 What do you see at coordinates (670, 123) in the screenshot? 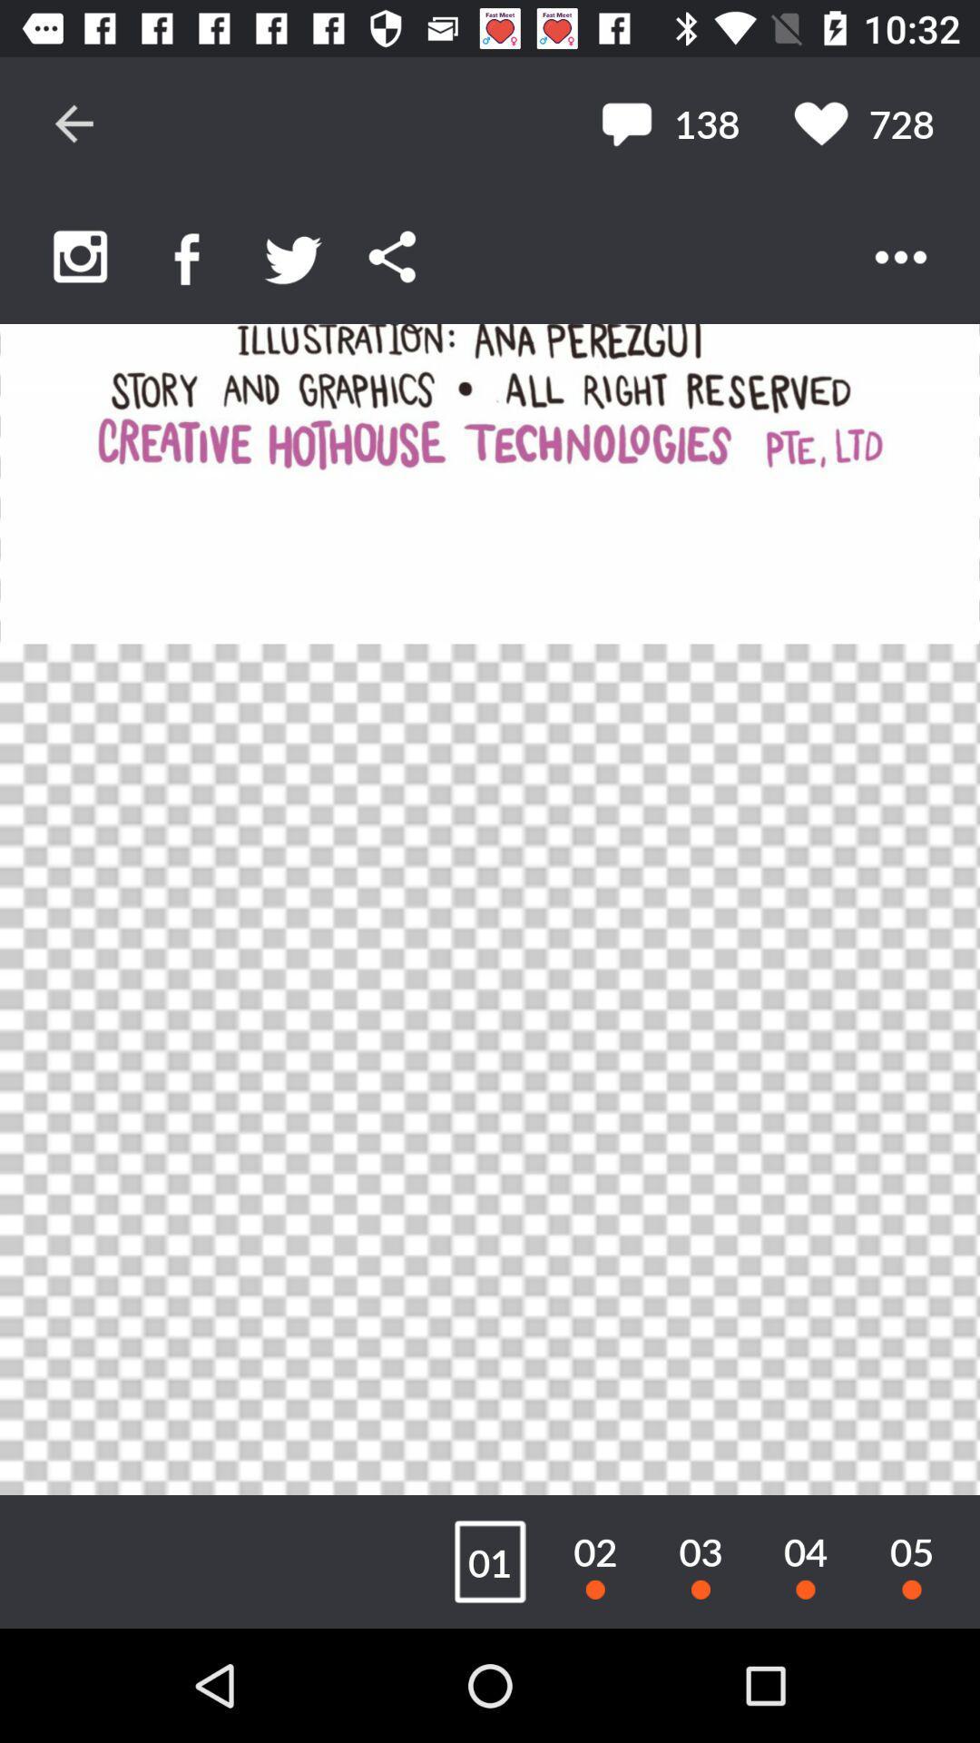
I see `the item next to the 728  item` at bounding box center [670, 123].